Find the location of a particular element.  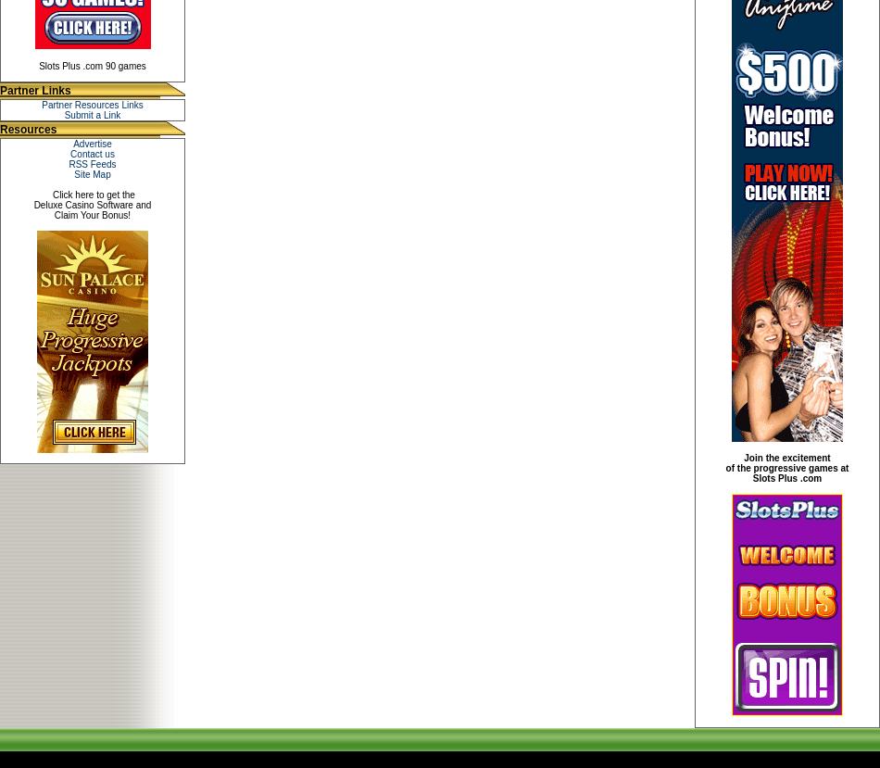

'Partner Resources Links' is located at coordinates (92, 105).